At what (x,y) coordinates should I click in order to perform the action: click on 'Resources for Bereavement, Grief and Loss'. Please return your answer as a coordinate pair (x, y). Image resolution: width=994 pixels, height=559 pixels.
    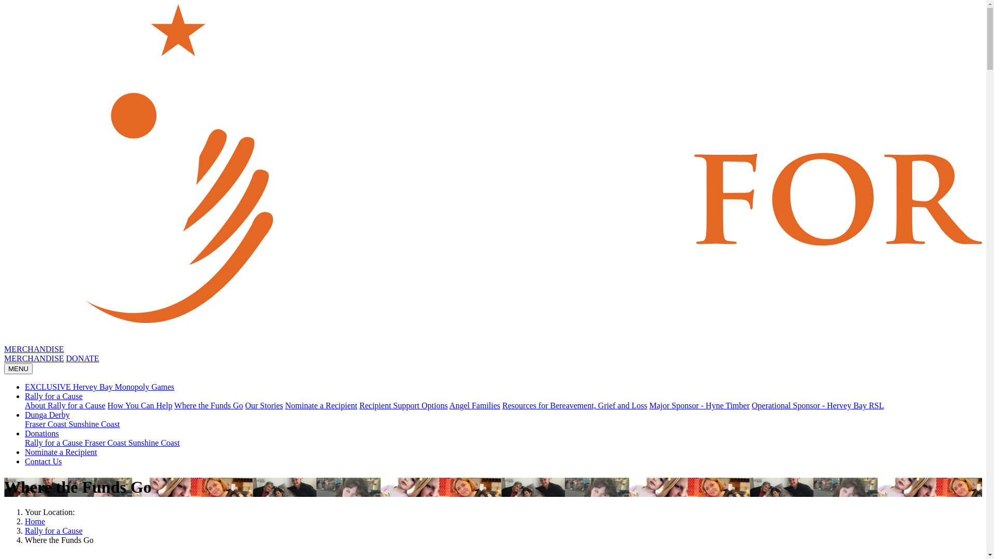
    Looking at the image, I should click on (574, 405).